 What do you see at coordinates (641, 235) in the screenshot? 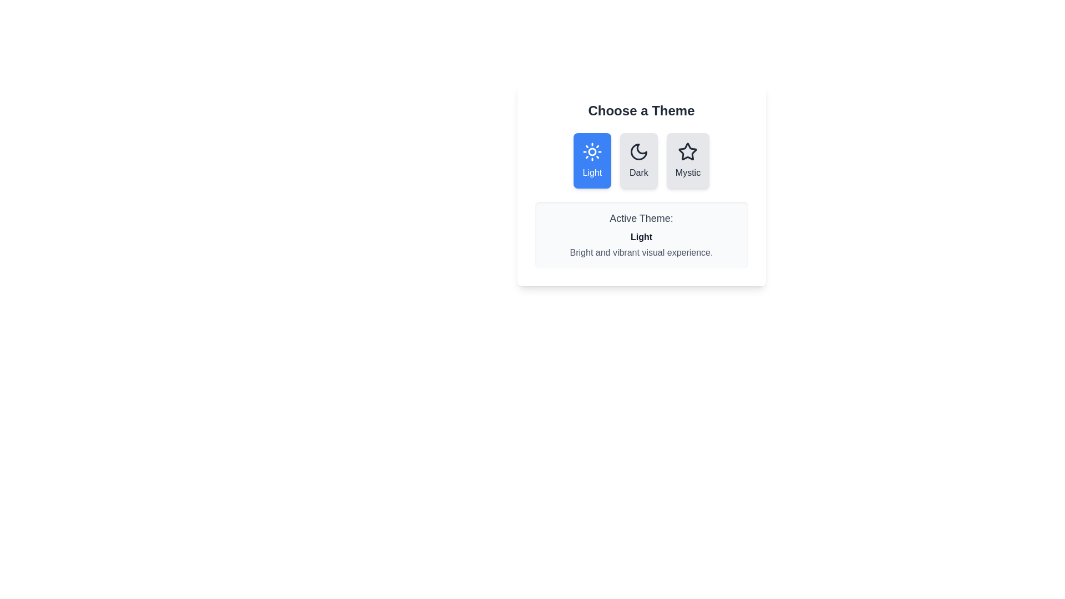
I see `the section displaying the active theme details to observe its visual representation` at bounding box center [641, 235].